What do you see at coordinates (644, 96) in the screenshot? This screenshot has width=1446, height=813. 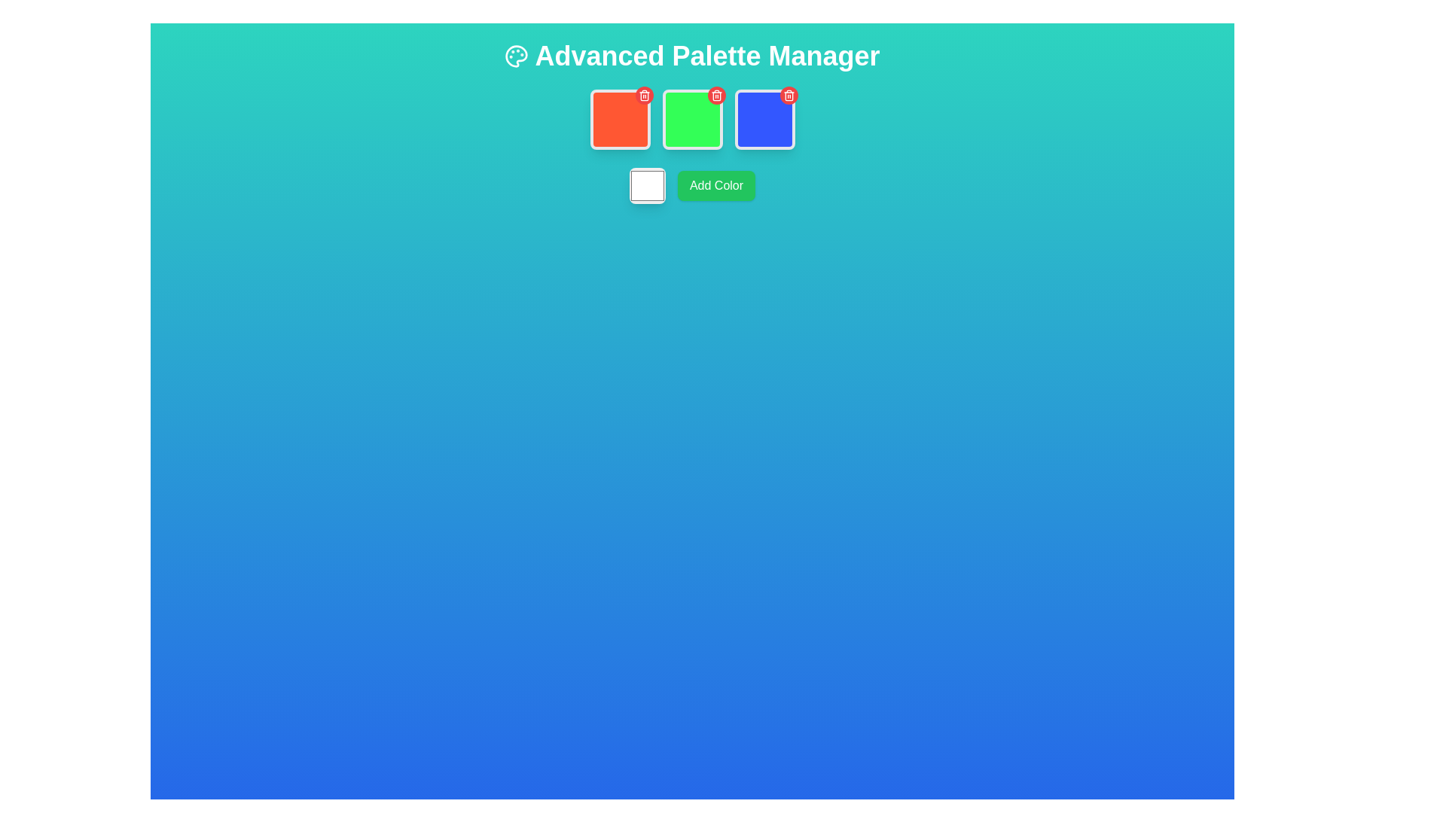 I see `the circular red button located in the top-right corner of the first red square, which contains a white trash bin icon, to change its appearance` at bounding box center [644, 96].